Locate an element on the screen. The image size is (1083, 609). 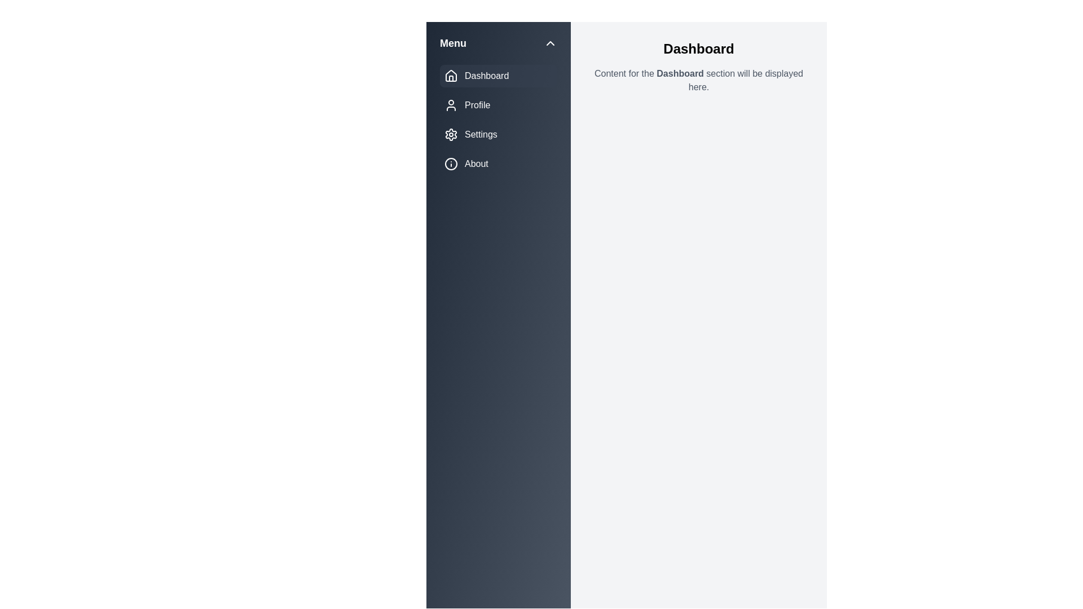
the text label for the user's profile section in the vertical navigation menu is located at coordinates (477, 105).